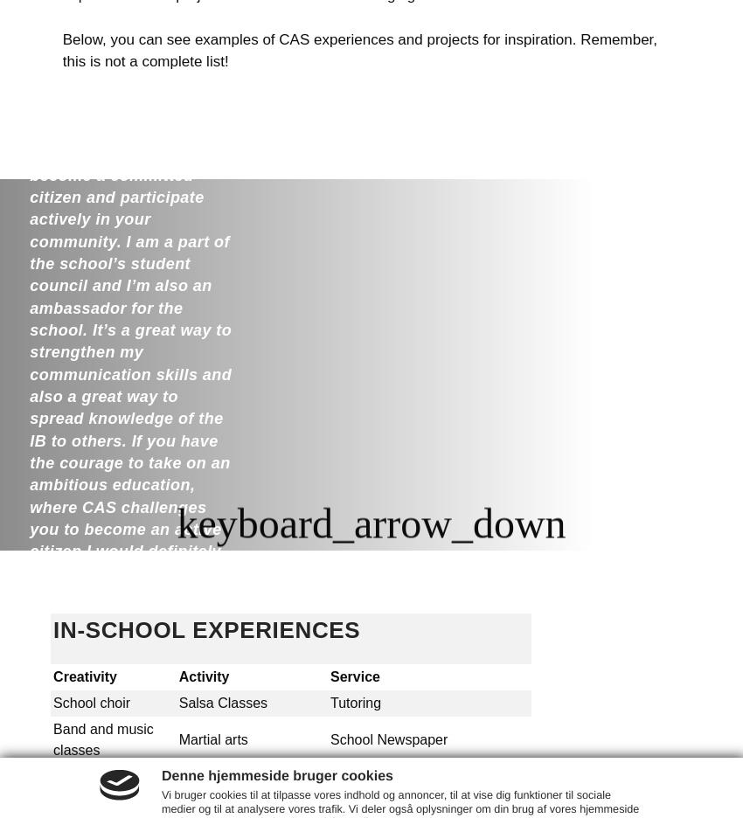 The image size is (743, 818). What do you see at coordinates (89, 775) in the screenshot?
I see `'Debate club'` at bounding box center [89, 775].